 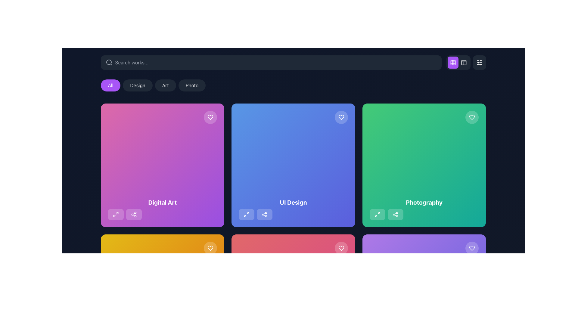 I want to click on the button with an orange-yellow gradient background located, so click(x=162, y=248).